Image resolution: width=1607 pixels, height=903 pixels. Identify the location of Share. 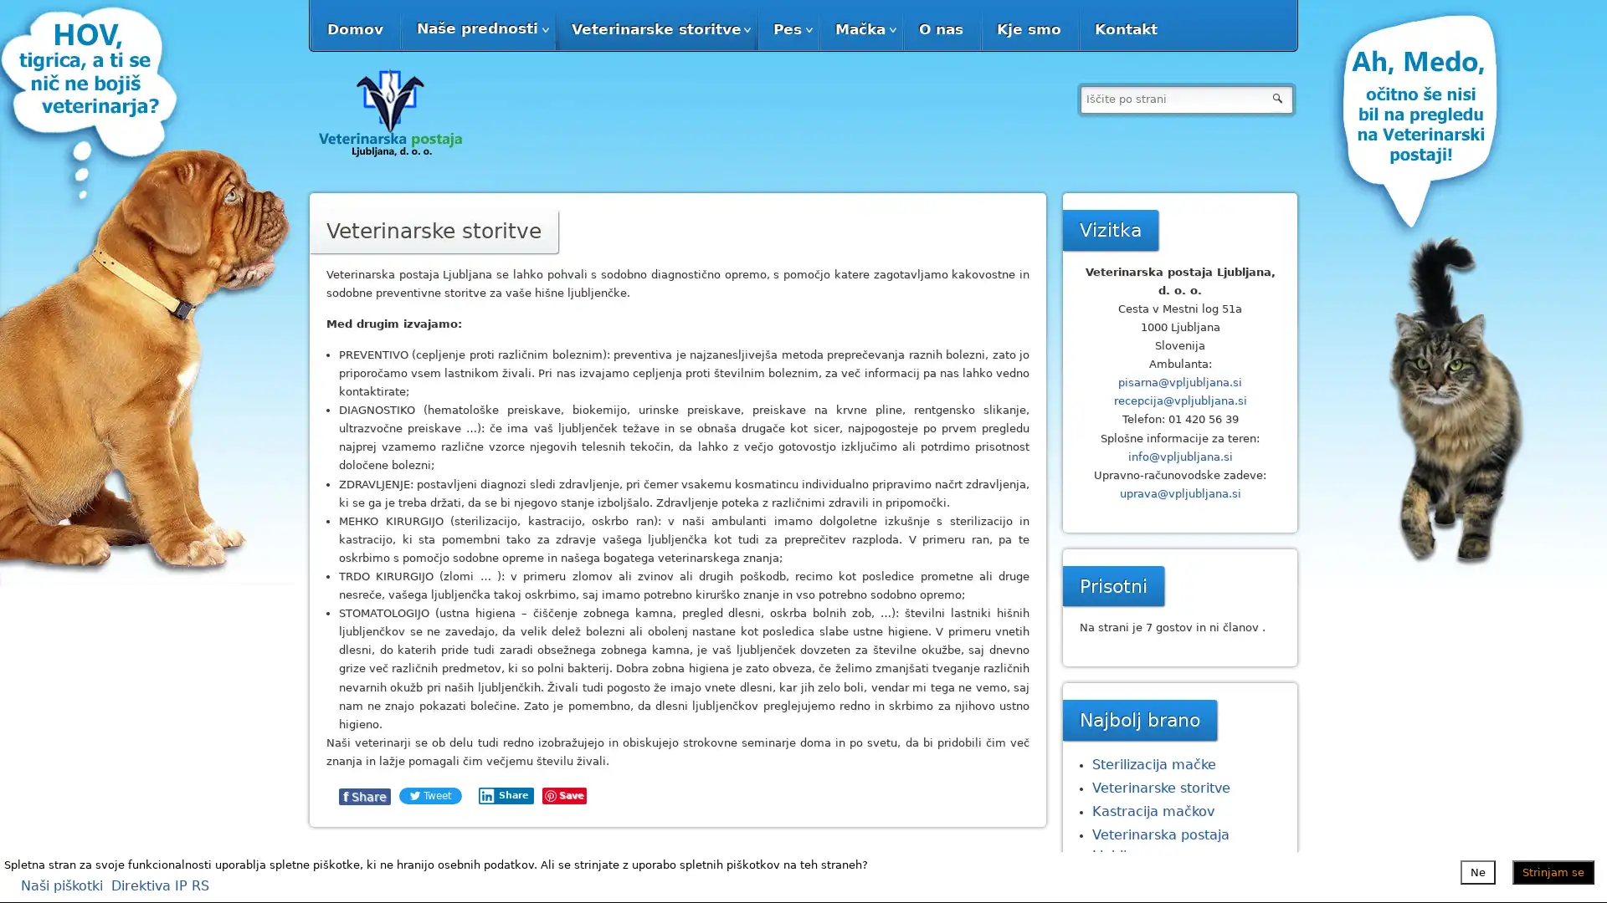
(581, 795).